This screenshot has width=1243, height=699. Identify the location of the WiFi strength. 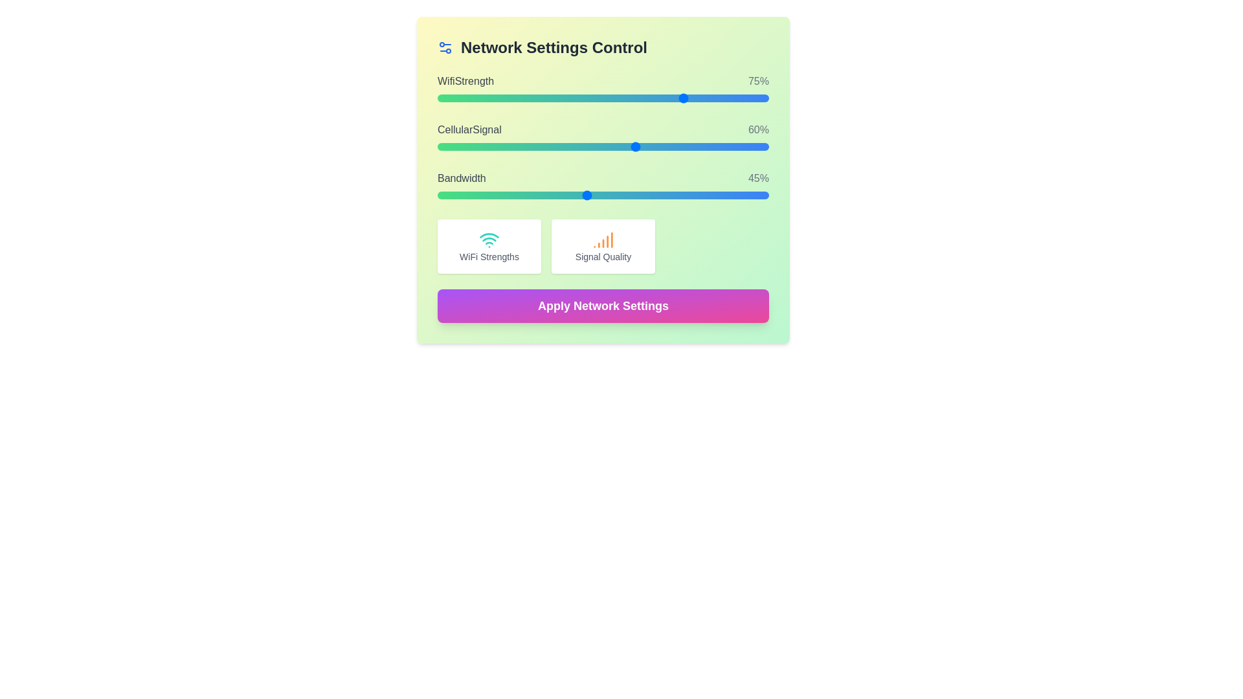
(579, 97).